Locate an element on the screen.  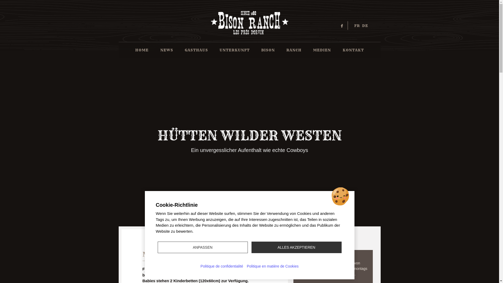
'UNTERKUNFT' is located at coordinates (234, 50).